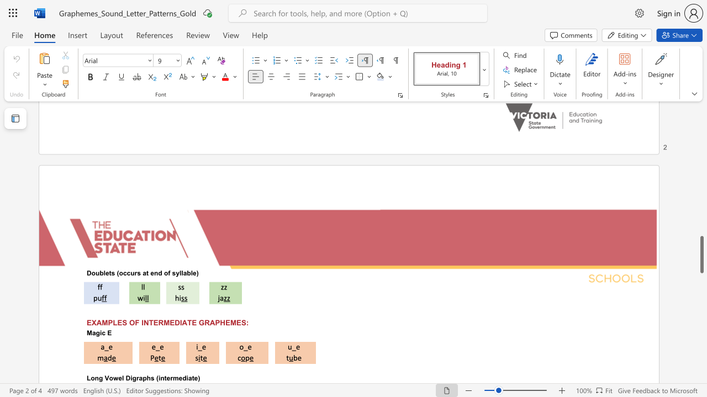  I want to click on the scrollbar to slide the page up, so click(701, 154).